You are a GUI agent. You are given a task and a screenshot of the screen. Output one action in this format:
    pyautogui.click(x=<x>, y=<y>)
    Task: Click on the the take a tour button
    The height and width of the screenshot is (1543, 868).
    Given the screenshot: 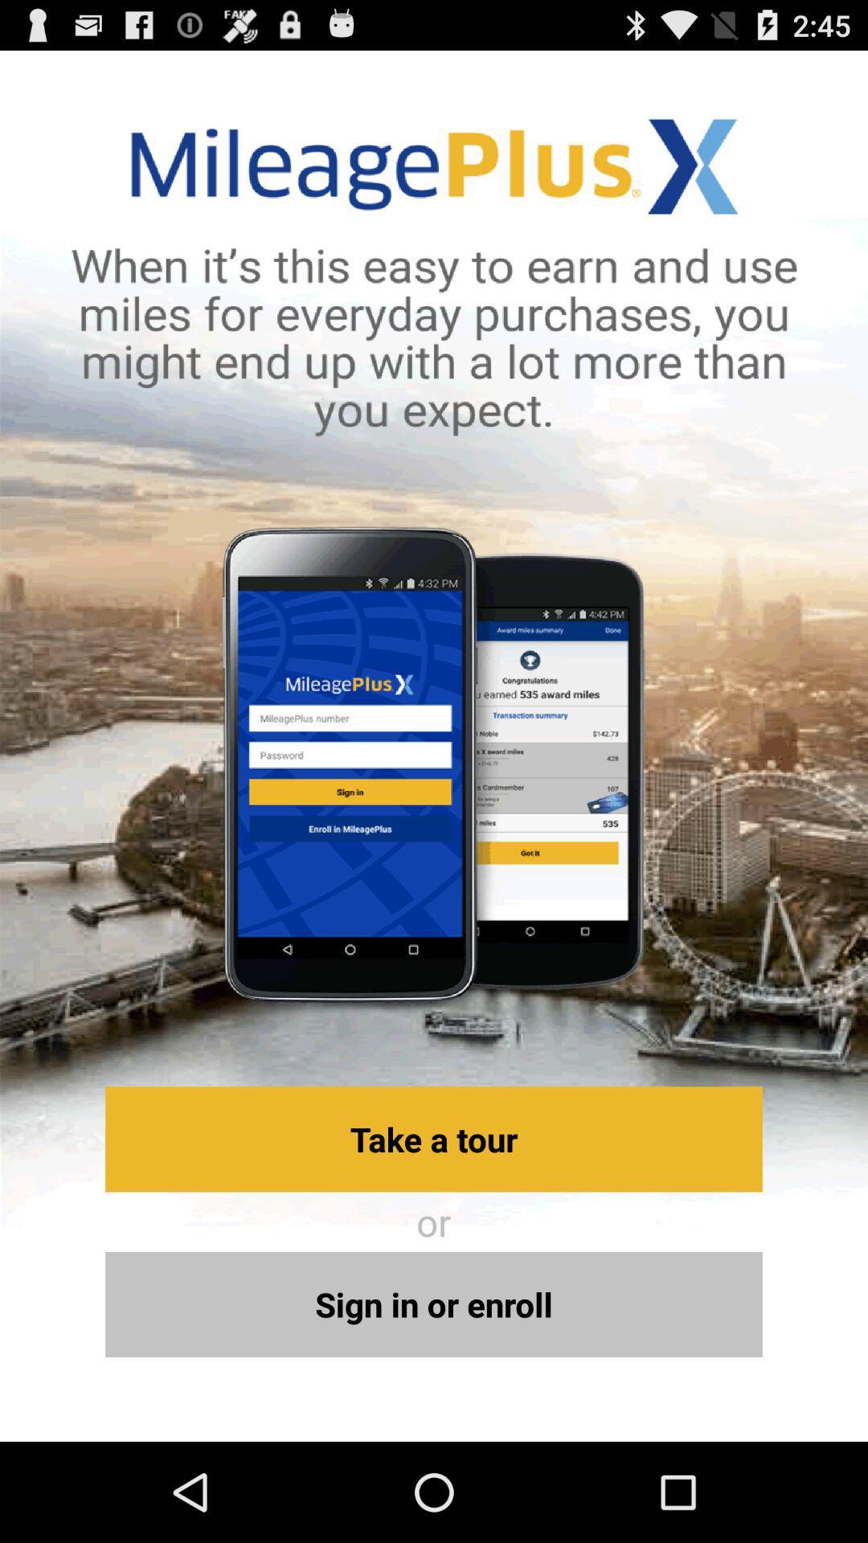 What is the action you would take?
    pyautogui.click(x=434, y=1138)
    